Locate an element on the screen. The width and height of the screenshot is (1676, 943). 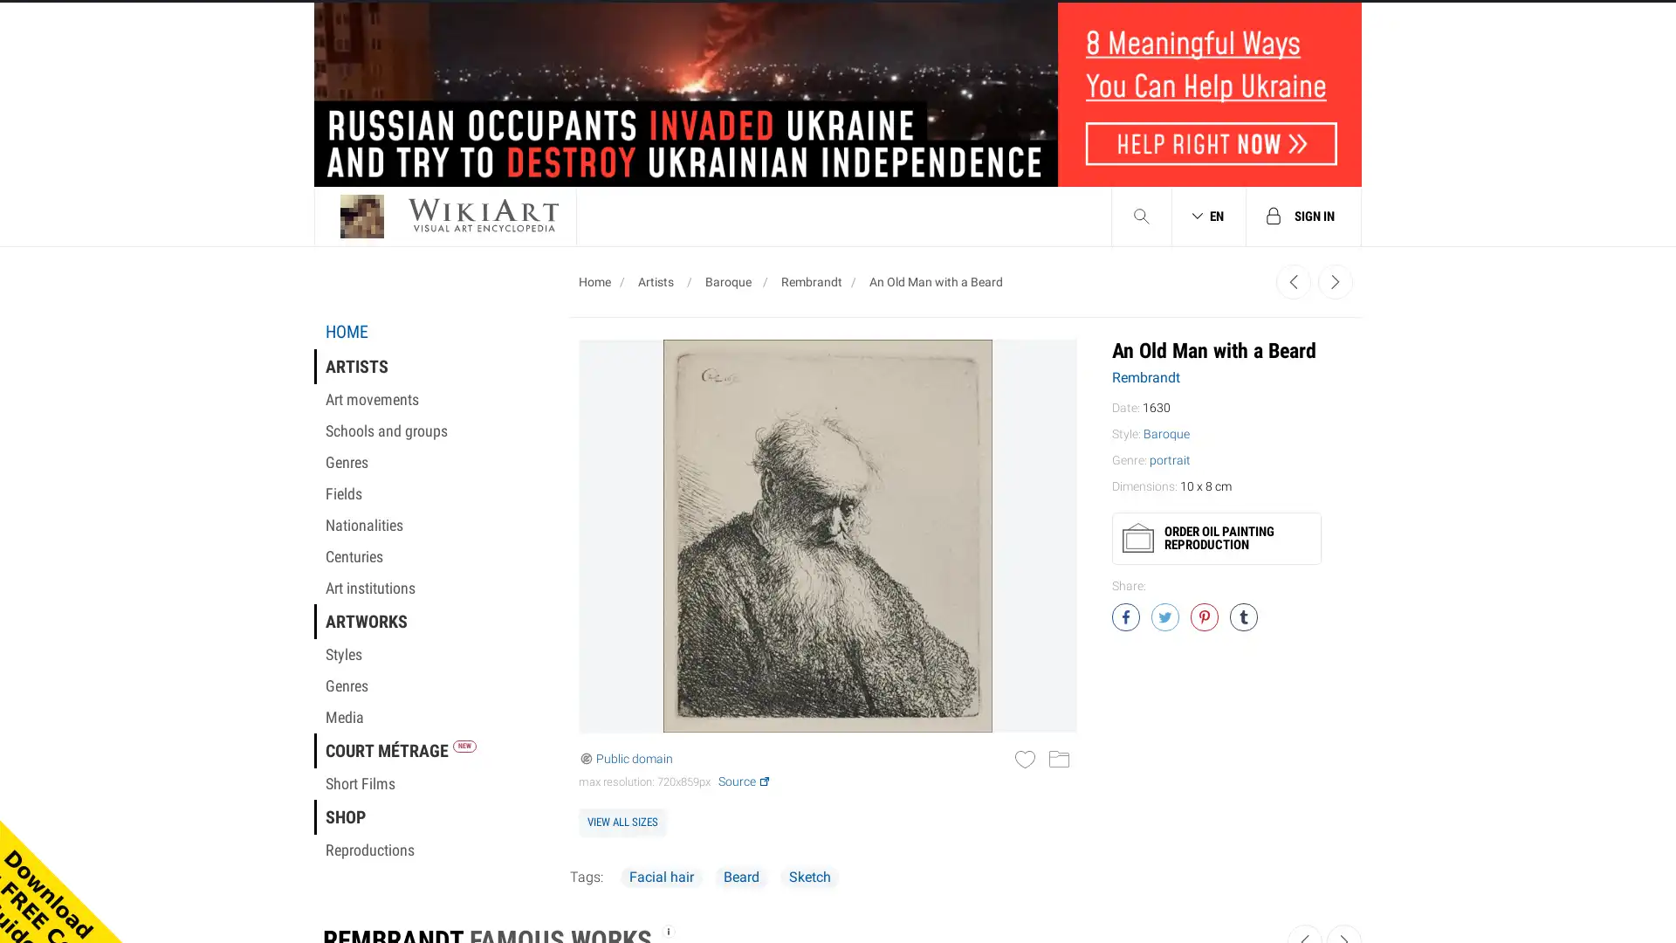
Close form is located at coordinates (1156, 250).